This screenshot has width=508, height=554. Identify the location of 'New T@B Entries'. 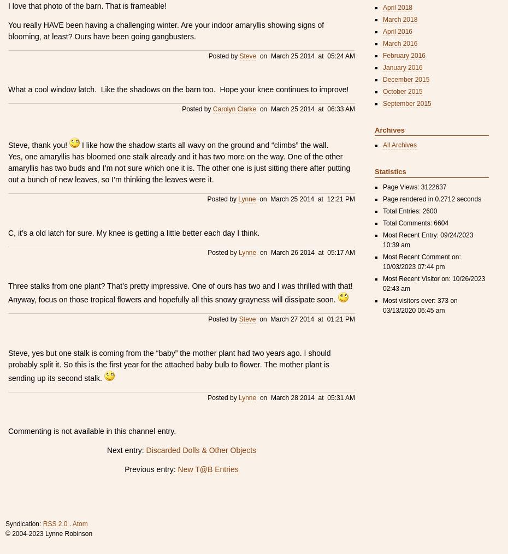
(207, 469).